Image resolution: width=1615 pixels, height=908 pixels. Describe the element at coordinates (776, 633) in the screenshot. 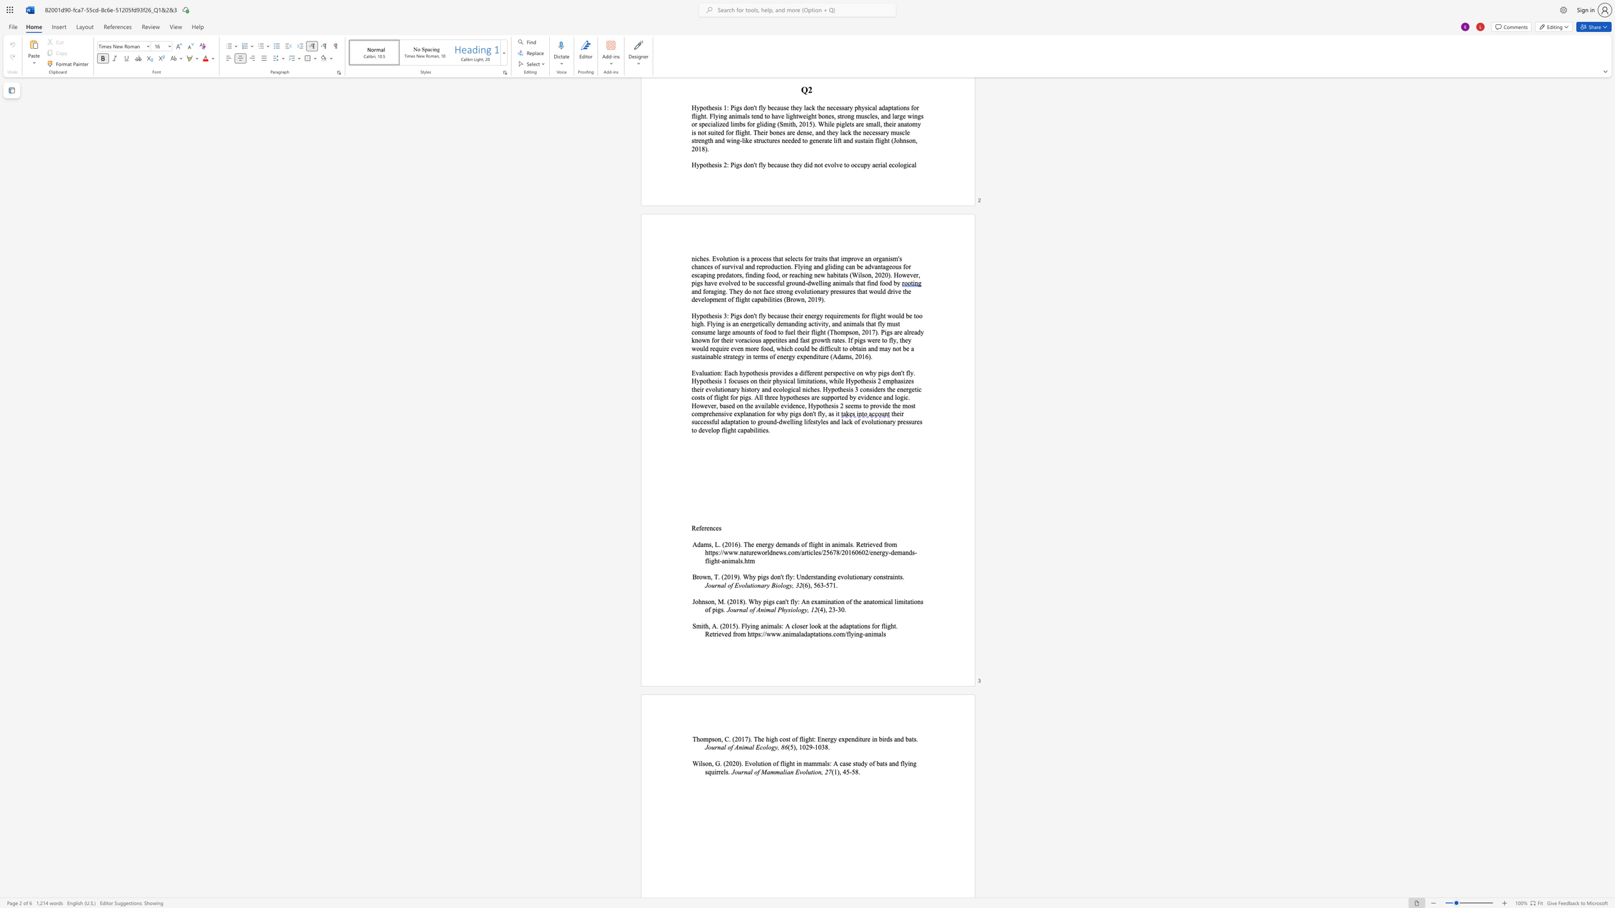

I see `the subset text "w.animaladaptations.com/flying-a" within the text "rom https://www.animaladaptations.com/flying-animals"` at that location.